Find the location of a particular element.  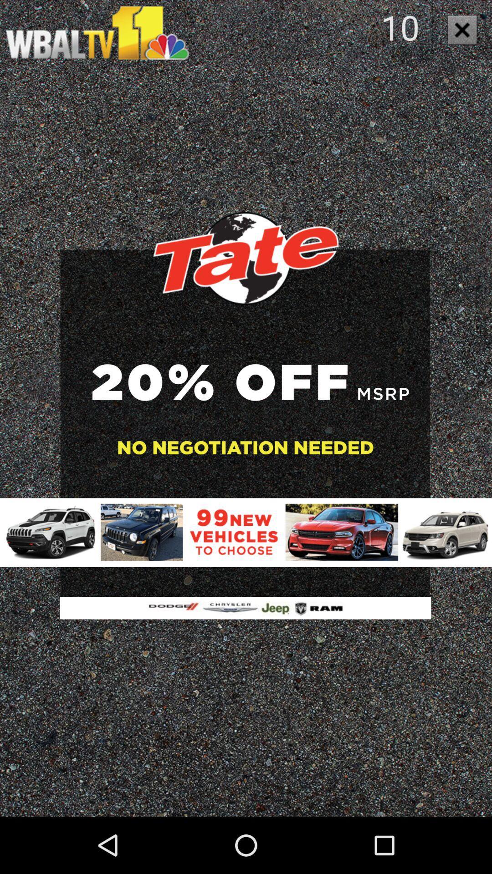

the close icon is located at coordinates (462, 32).